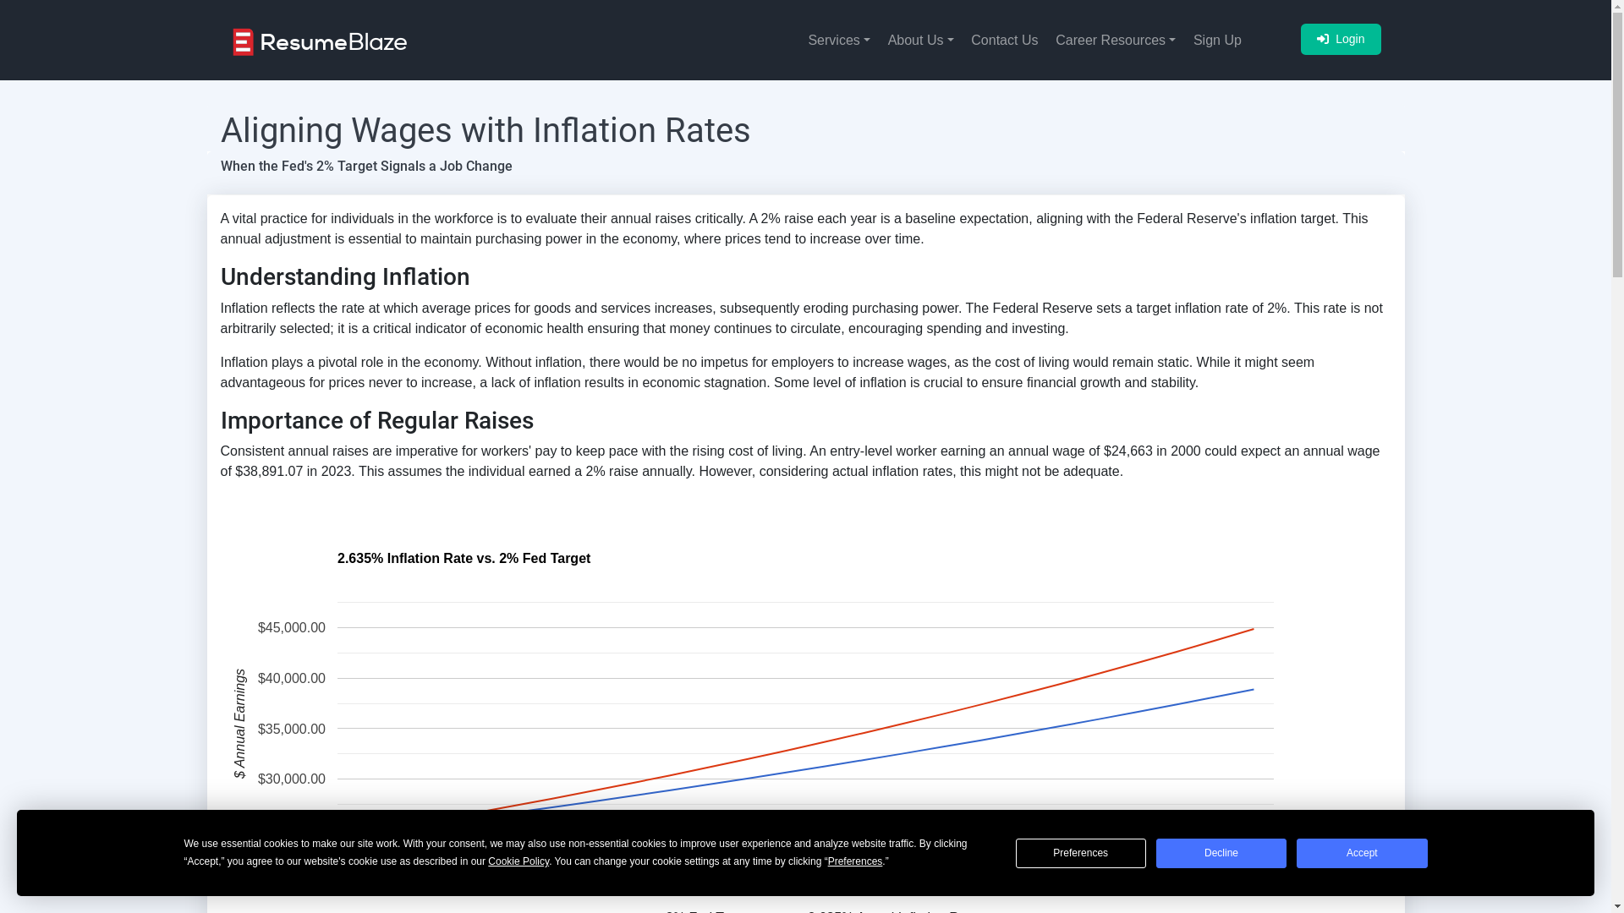  What do you see at coordinates (318, 40) in the screenshot?
I see `'ResumeBlaze'` at bounding box center [318, 40].